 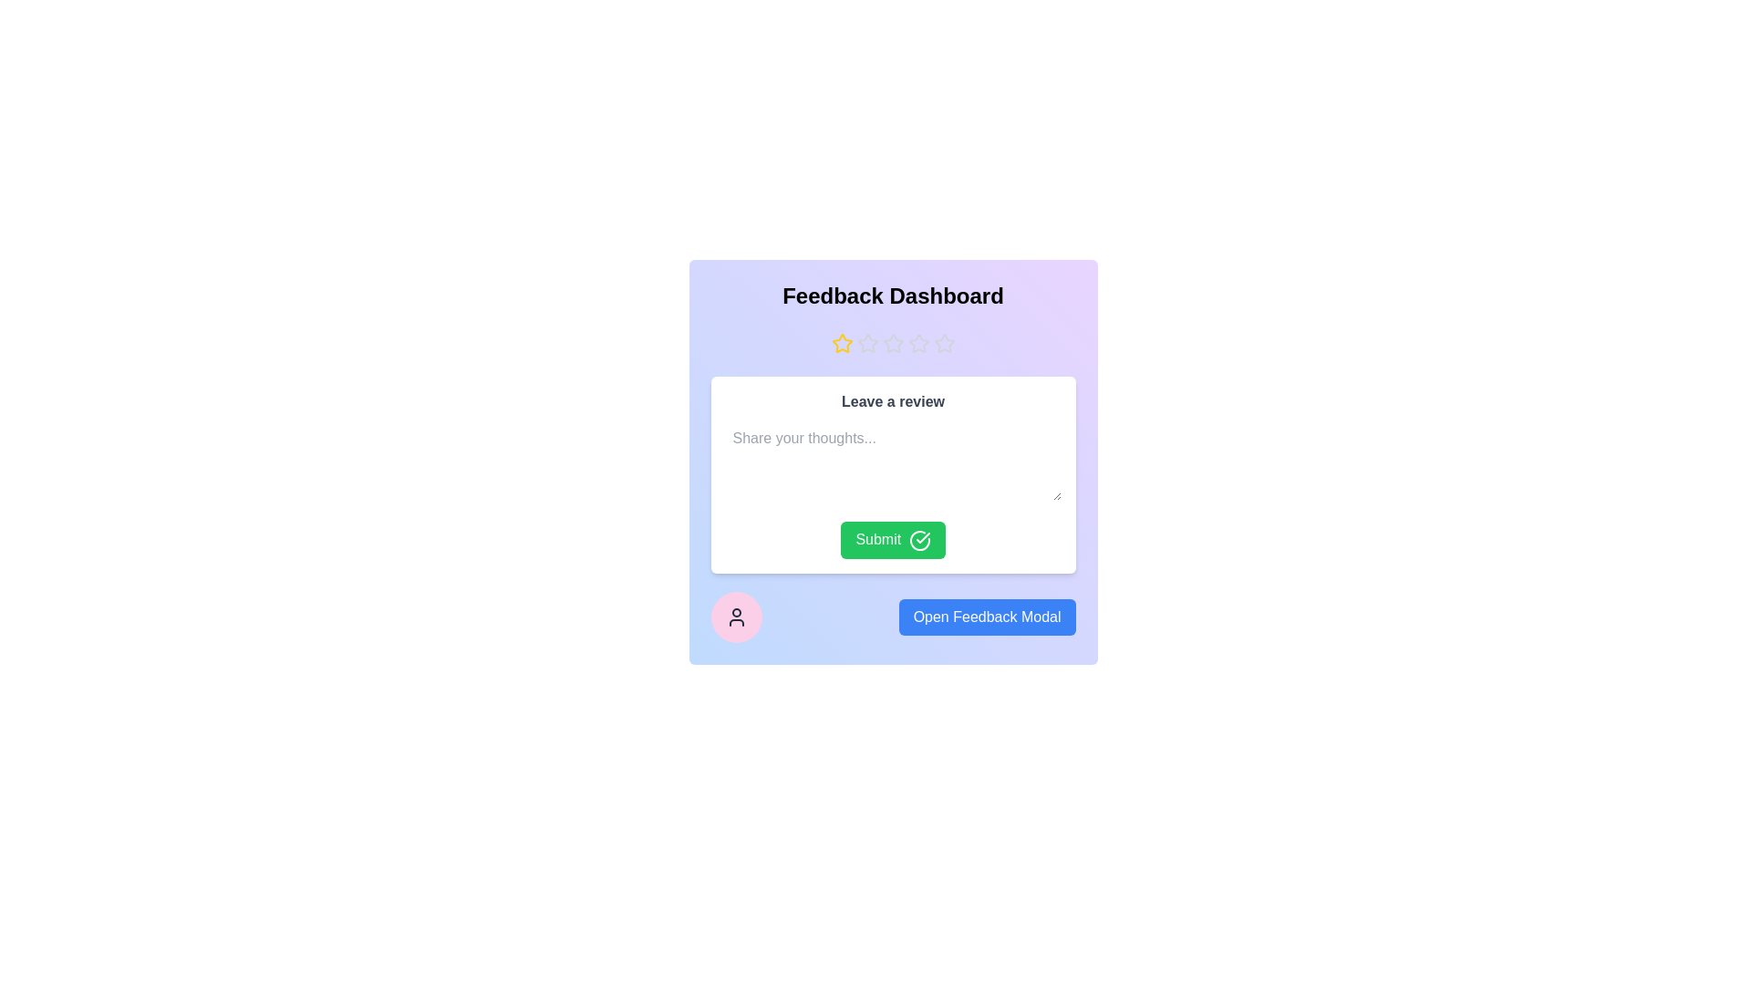 What do you see at coordinates (893, 400) in the screenshot?
I see `the 'Leave a review' text label, which is displayed in bold dark-grey font at the top of the feedback form, just above the multi-line text input area` at bounding box center [893, 400].